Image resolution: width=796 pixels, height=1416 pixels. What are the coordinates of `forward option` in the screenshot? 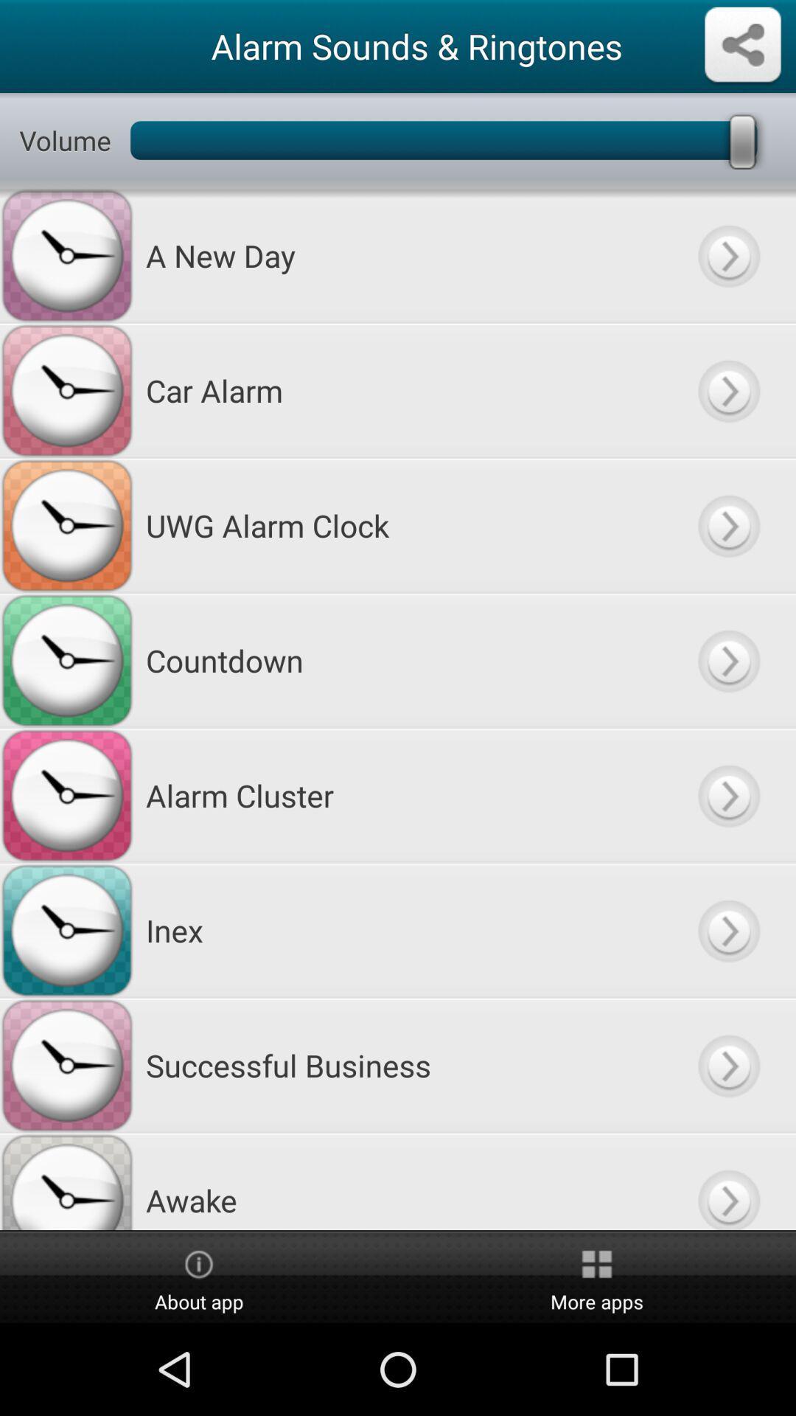 It's located at (727, 659).